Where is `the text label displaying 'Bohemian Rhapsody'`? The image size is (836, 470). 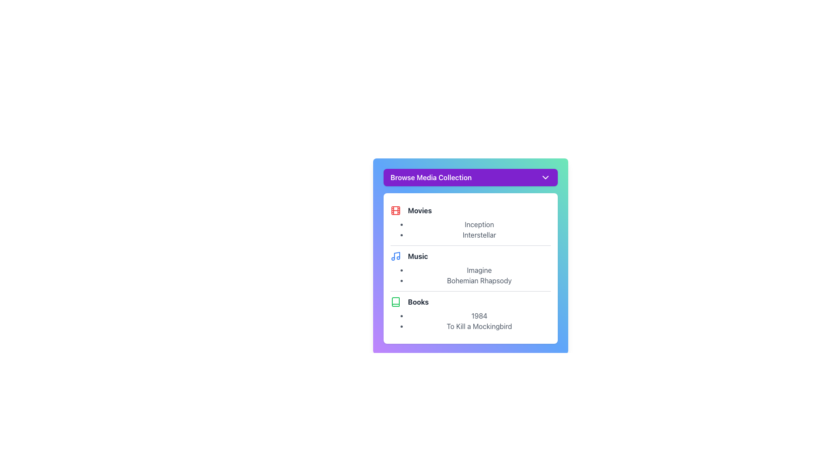
the text label displaying 'Bohemian Rhapsody' is located at coordinates (479, 280).